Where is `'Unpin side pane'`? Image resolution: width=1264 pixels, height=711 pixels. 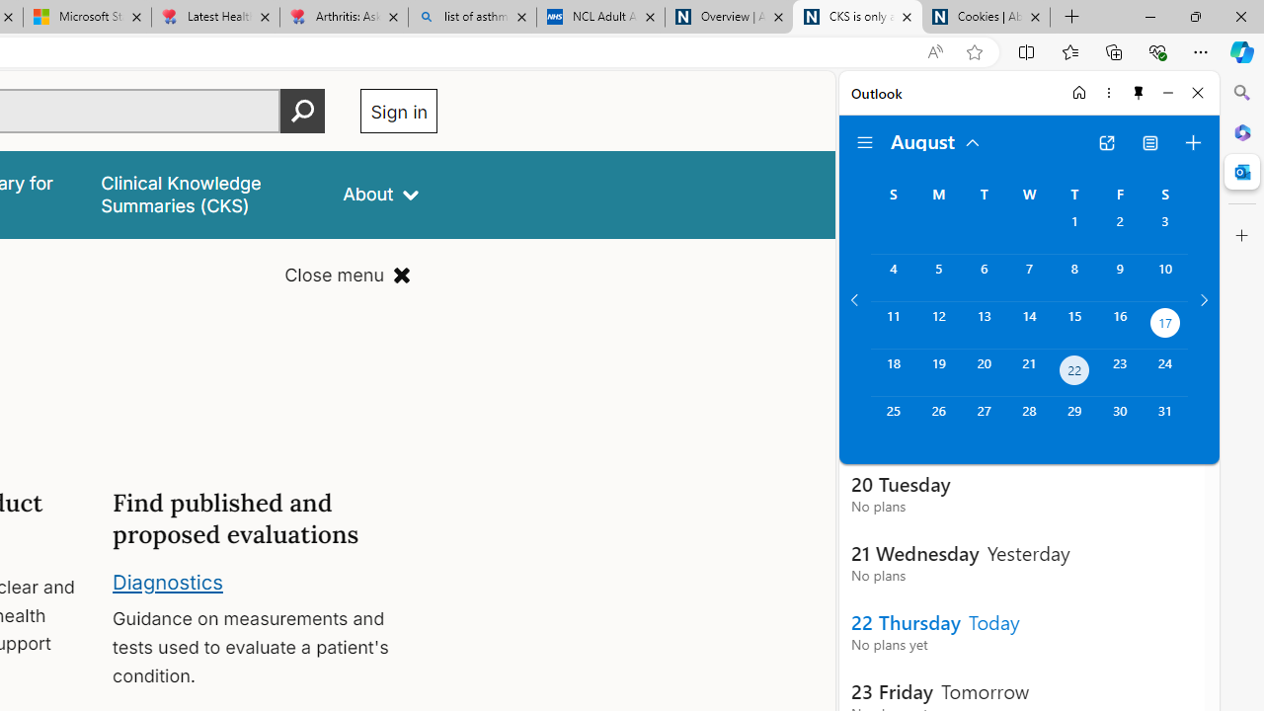 'Unpin side pane' is located at coordinates (1139, 92).